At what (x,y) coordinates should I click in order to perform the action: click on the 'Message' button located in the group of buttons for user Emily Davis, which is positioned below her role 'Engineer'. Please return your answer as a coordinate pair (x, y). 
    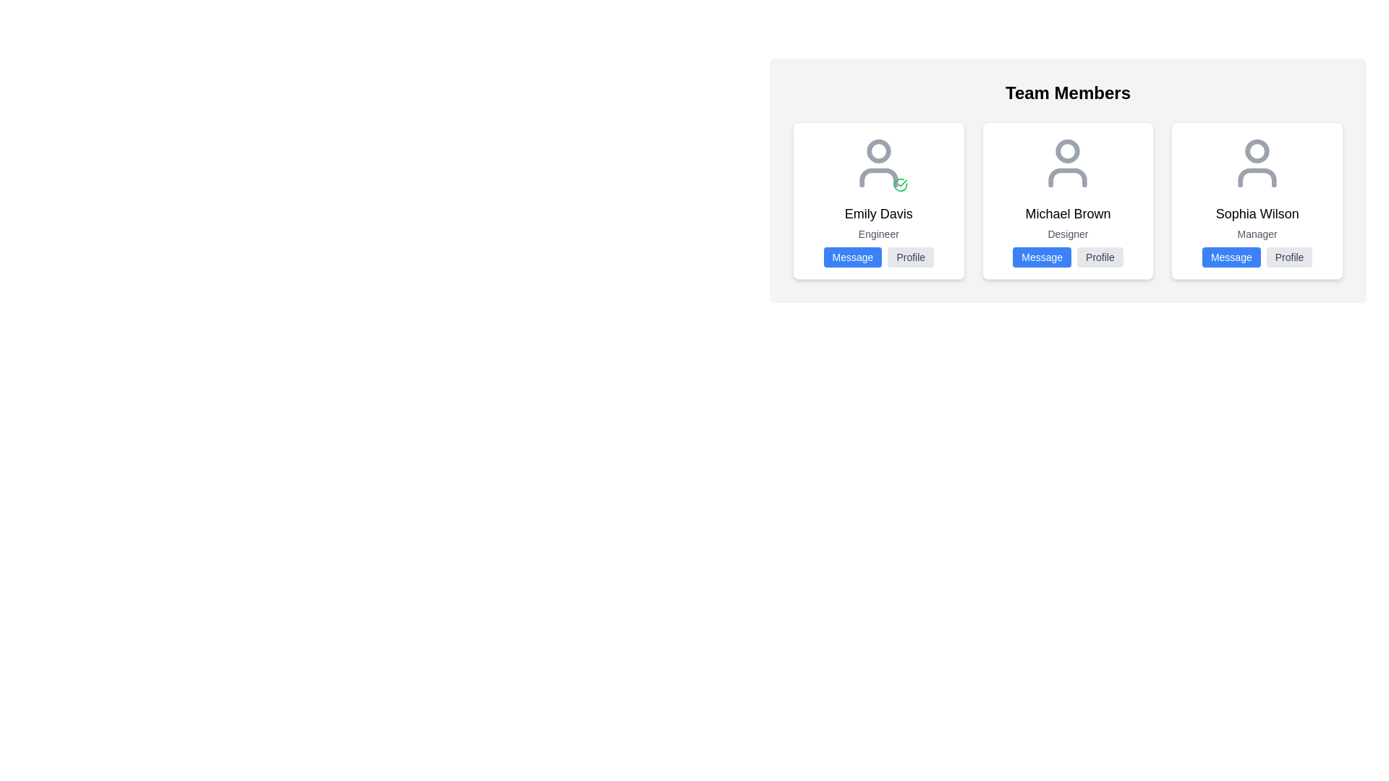
    Looking at the image, I should click on (878, 256).